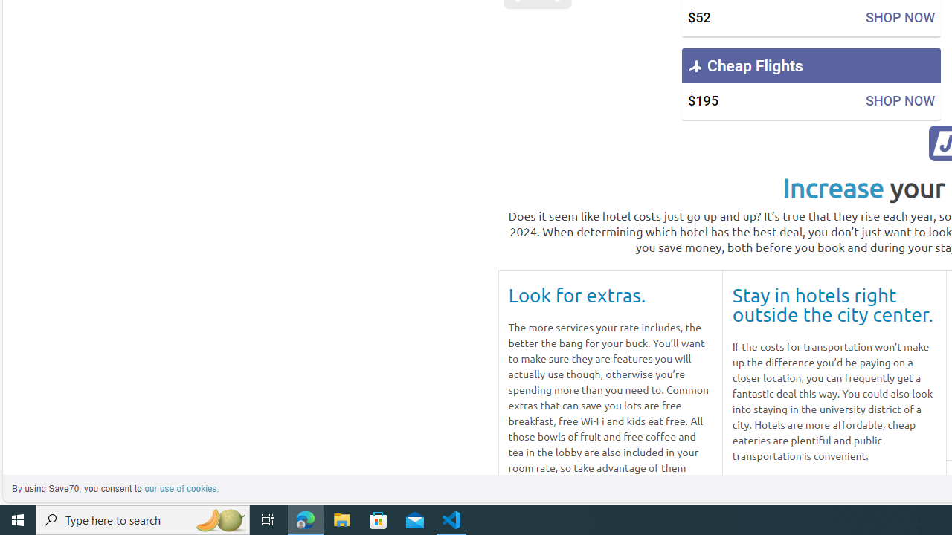 The image size is (952, 535). I want to click on 'learn more about cookies', so click(181, 488).